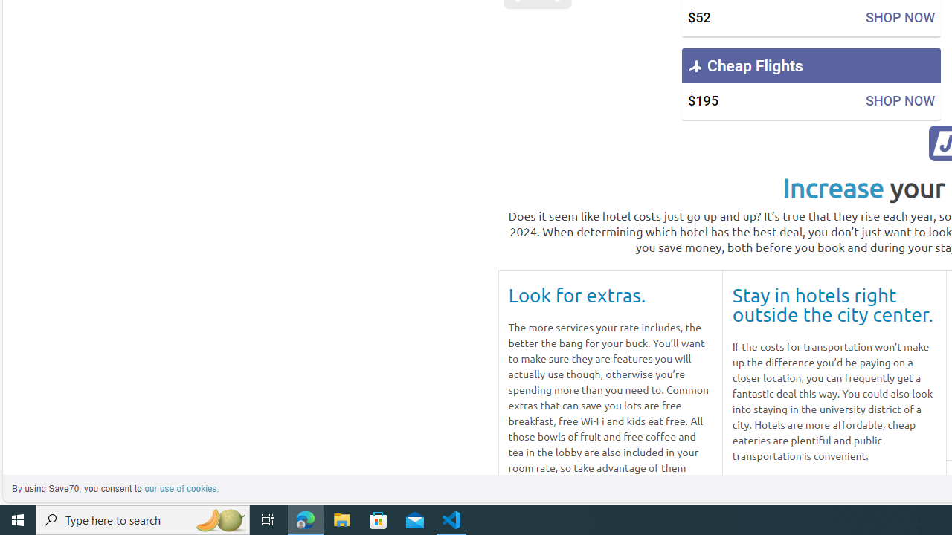 The image size is (952, 535). I want to click on 'learn more about cookies', so click(181, 488).